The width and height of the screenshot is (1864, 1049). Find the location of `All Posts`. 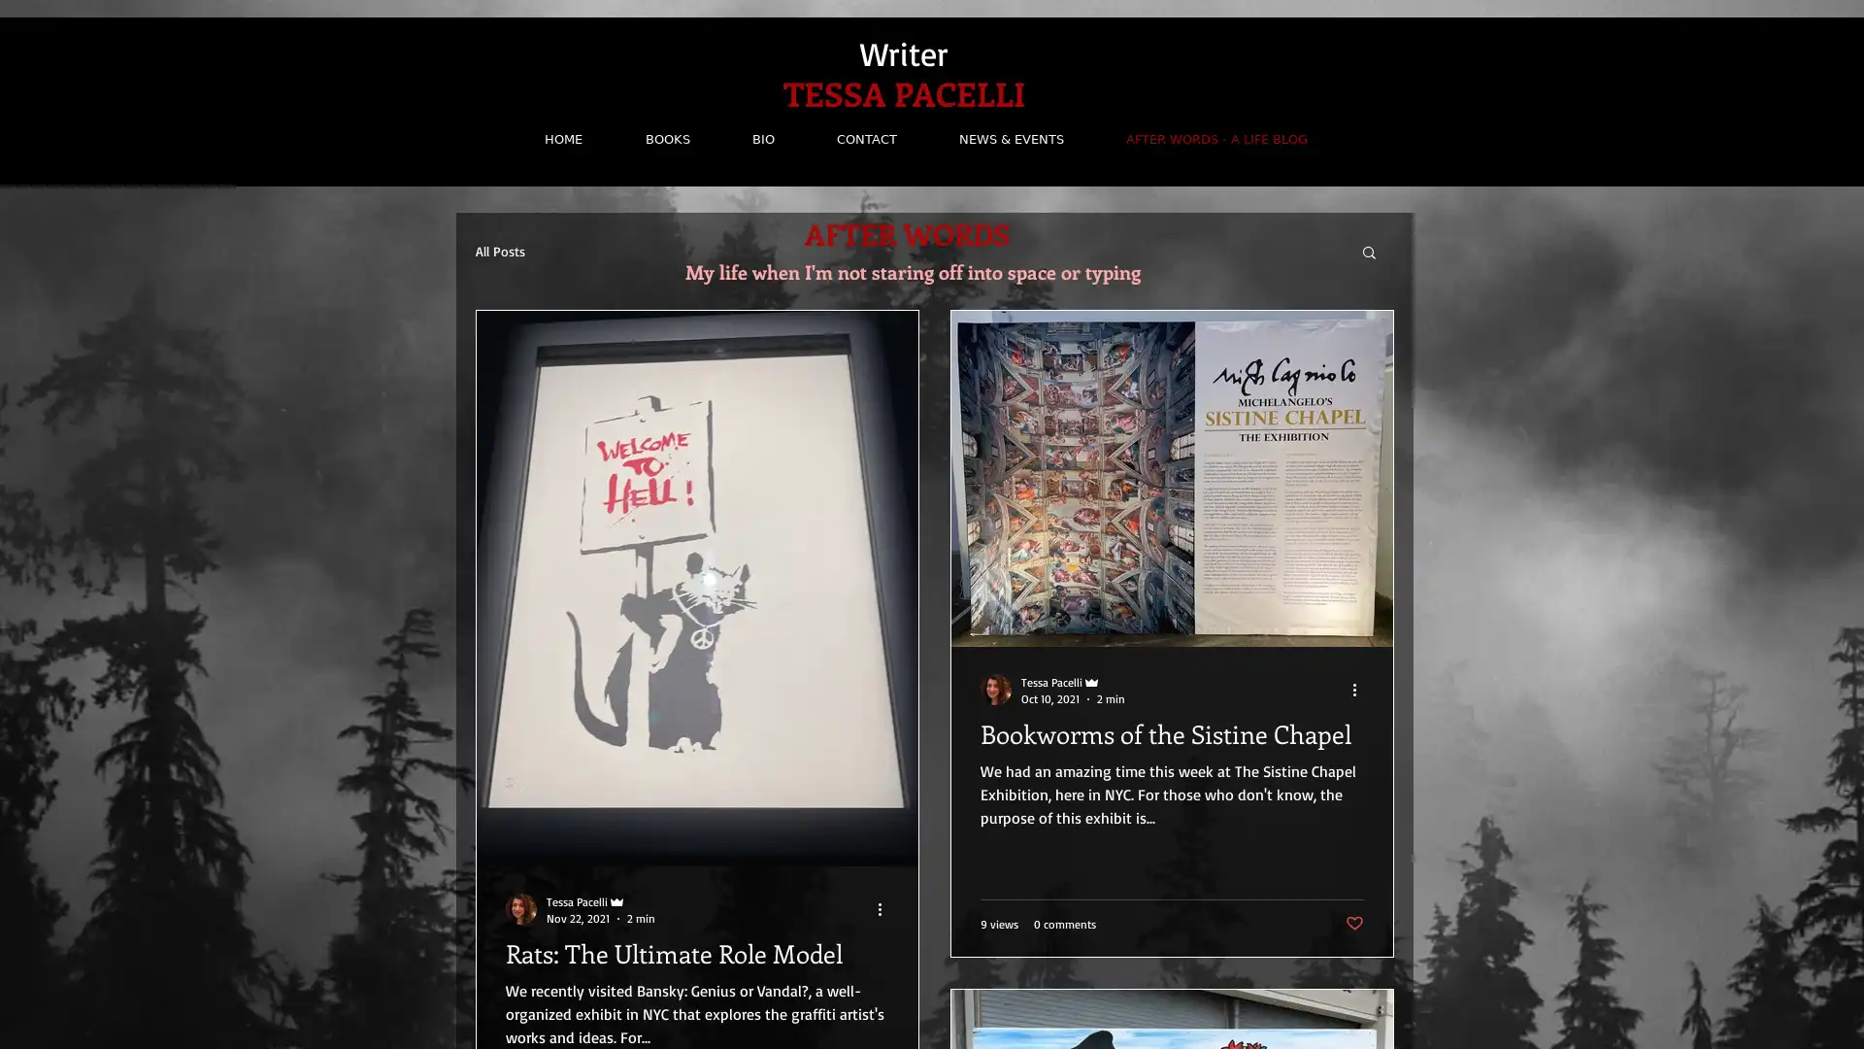

All Posts is located at coordinates (500, 250).